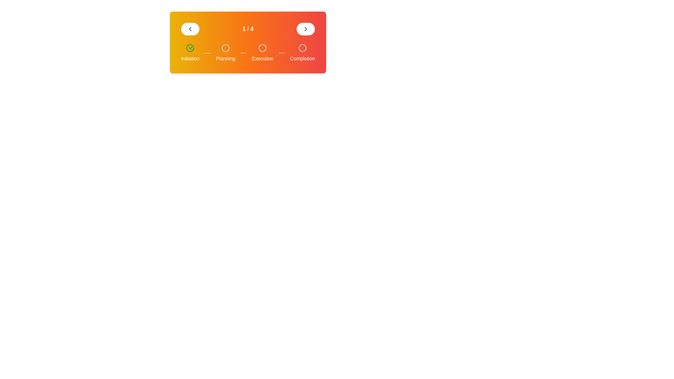 This screenshot has width=674, height=379. Describe the element at coordinates (305, 29) in the screenshot. I see `the chevron icon located near the top-right of the interface, which serves as a visual aid for navigation or transitioning to the next step or page` at that location.